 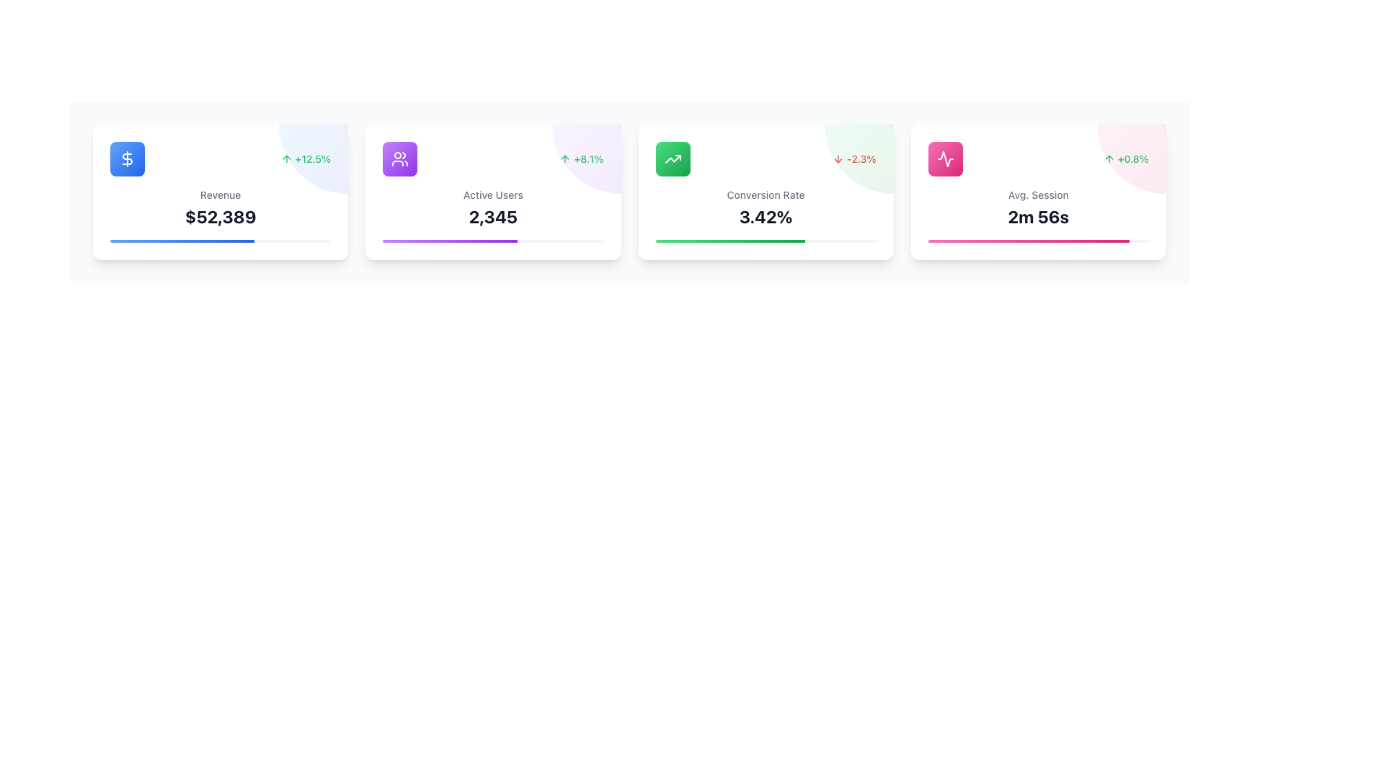 I want to click on the graphical trend line within the icon located at the top-left corner of the 'Conversion Rate' card, so click(x=672, y=158).